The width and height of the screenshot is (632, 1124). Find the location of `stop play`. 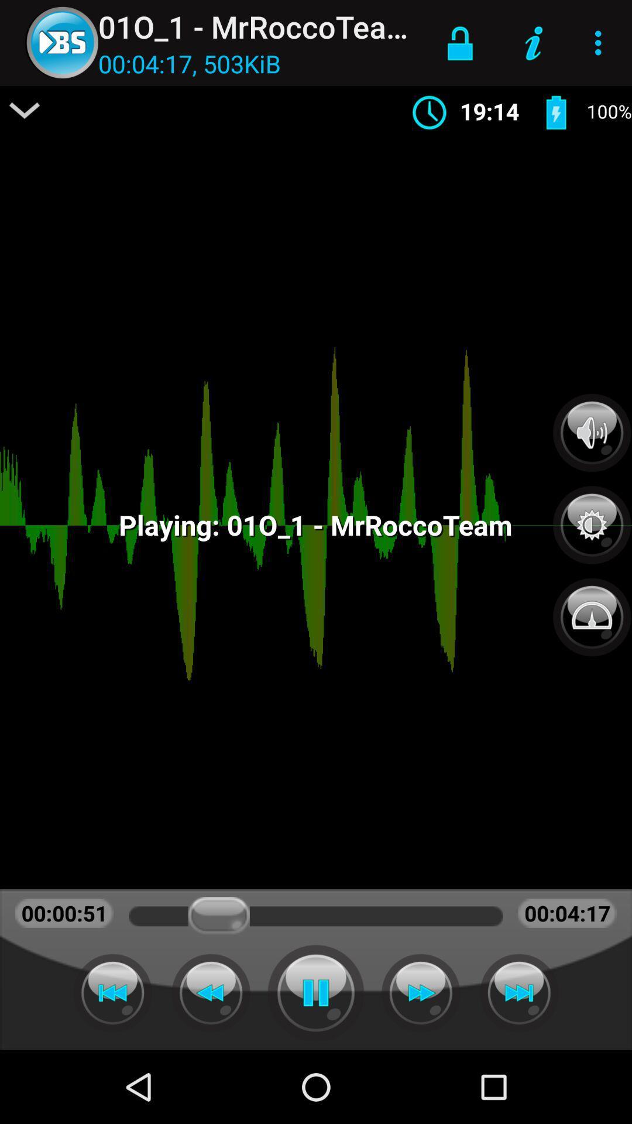

stop play is located at coordinates (316, 992).